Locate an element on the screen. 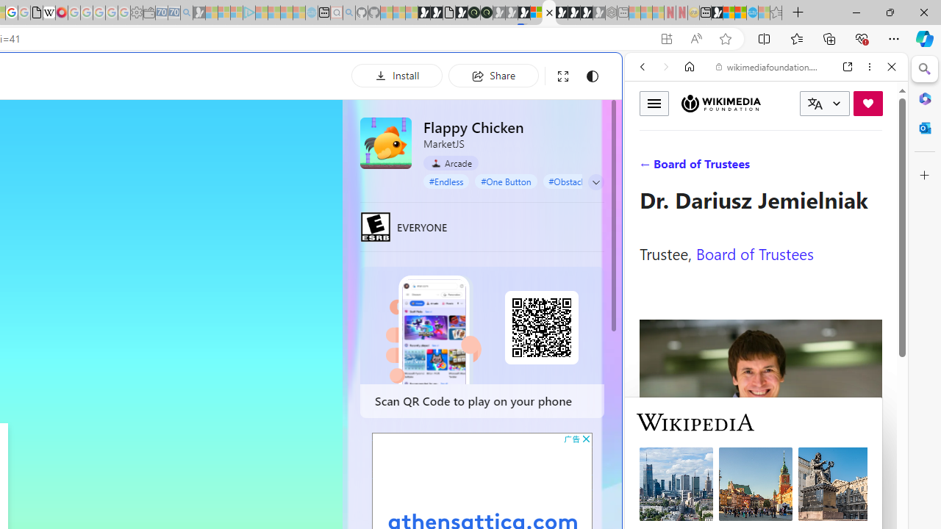  'Add this page to favorites (Ctrl+D)' is located at coordinates (725, 38).